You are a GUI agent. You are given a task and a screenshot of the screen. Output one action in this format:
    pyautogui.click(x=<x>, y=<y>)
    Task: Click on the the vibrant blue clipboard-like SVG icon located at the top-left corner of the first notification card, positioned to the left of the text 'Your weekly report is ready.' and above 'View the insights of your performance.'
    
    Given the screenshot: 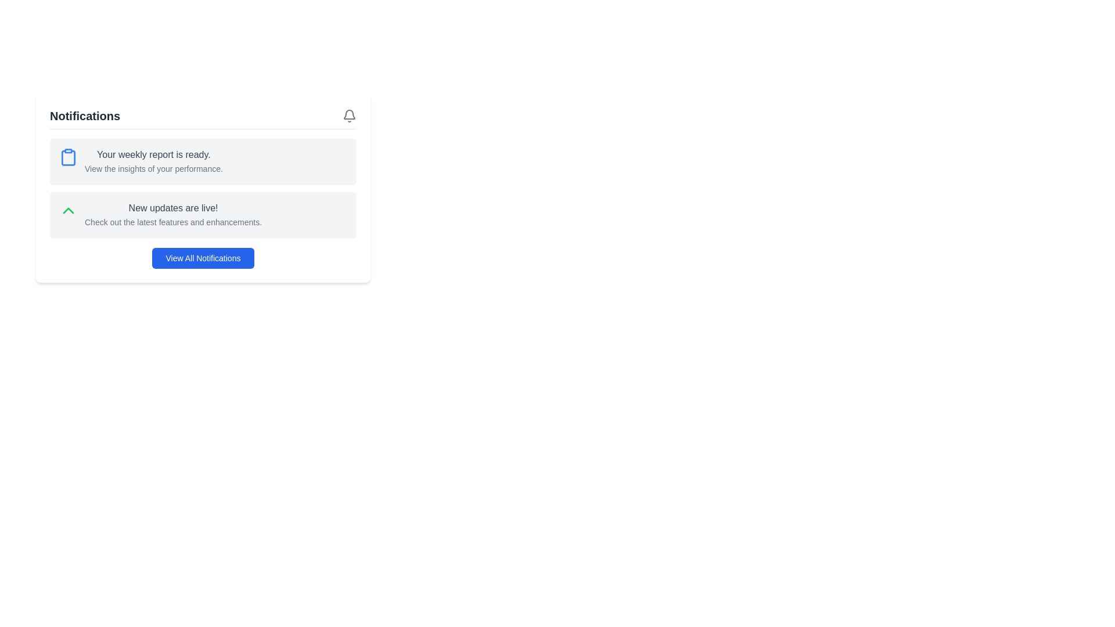 What is the action you would take?
    pyautogui.click(x=68, y=157)
    